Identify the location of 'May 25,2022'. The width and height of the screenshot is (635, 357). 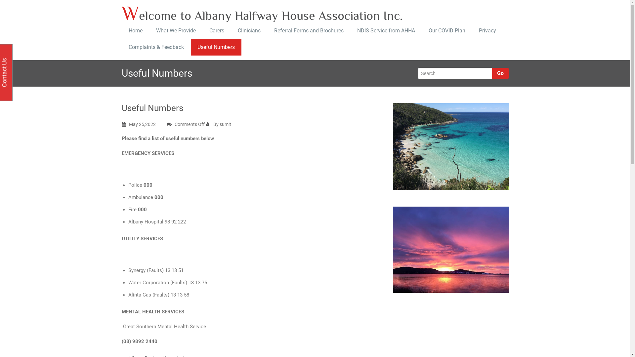
(122, 124).